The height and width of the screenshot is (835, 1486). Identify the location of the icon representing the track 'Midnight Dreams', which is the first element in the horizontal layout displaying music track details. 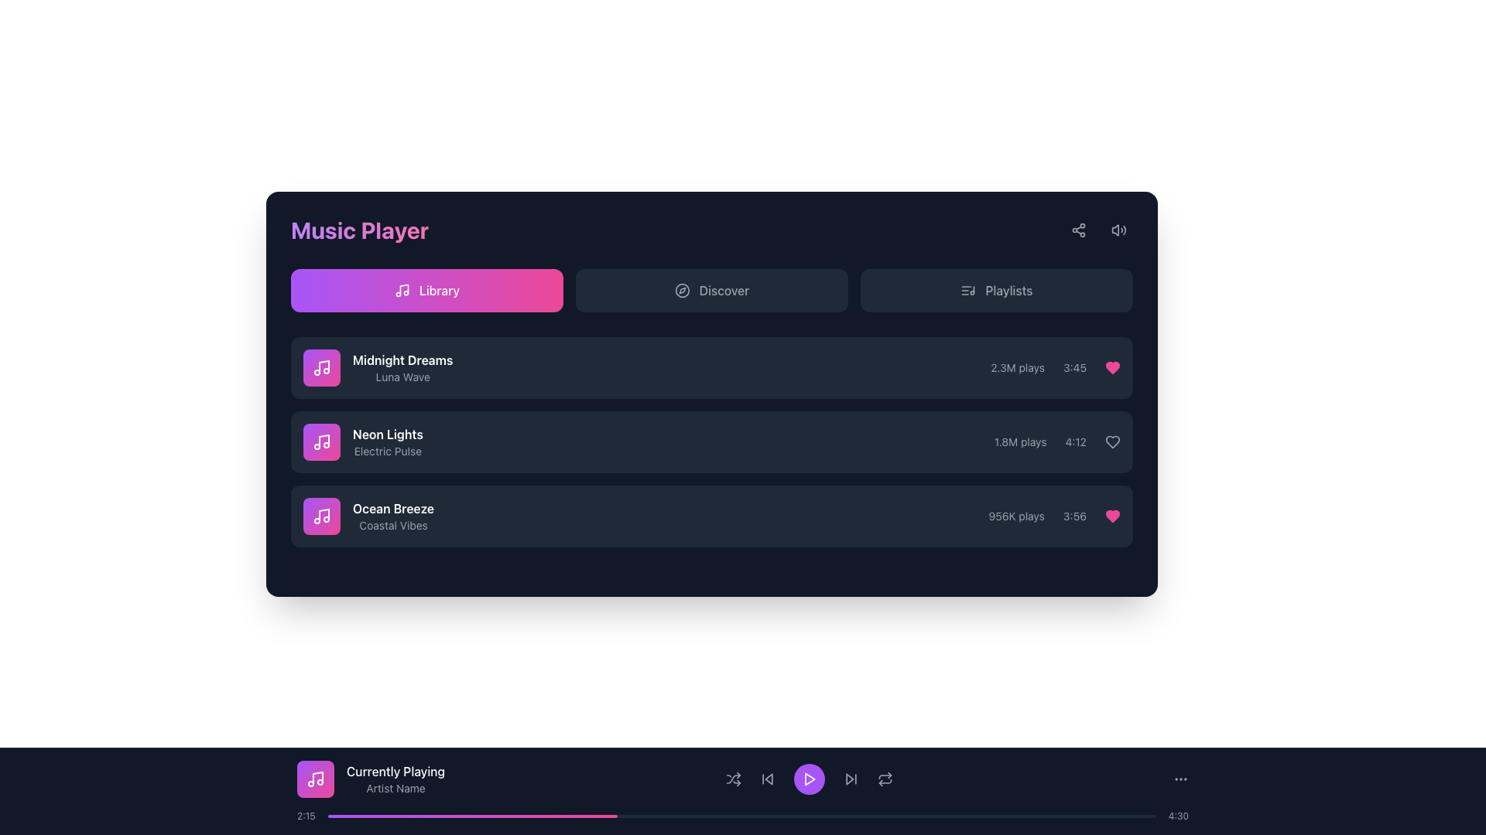
(321, 367).